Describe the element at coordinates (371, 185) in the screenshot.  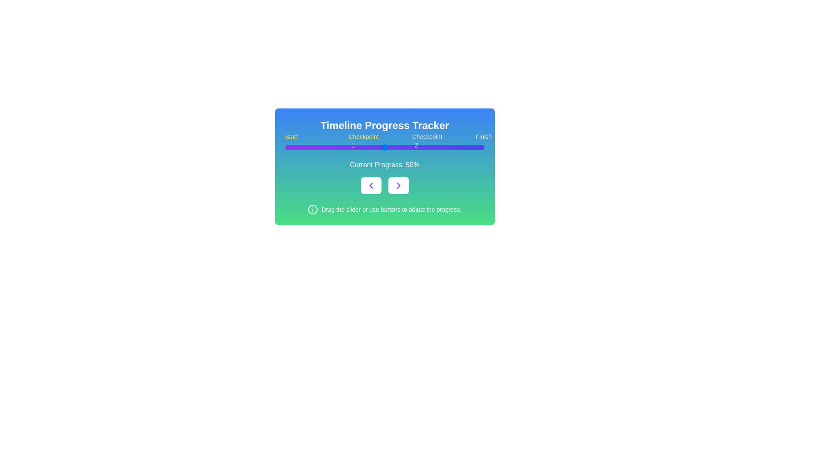
I see `the first button to the left of the right-pointing chevron icon to decrease the progress of the timeline tracker` at that location.